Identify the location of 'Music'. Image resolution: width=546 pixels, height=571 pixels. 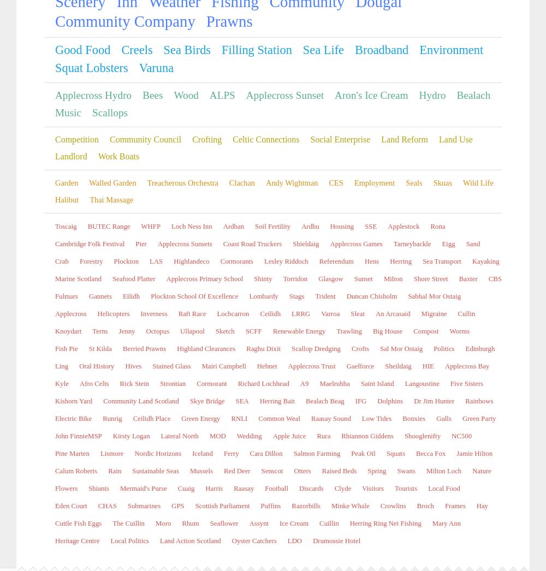
(335, 544).